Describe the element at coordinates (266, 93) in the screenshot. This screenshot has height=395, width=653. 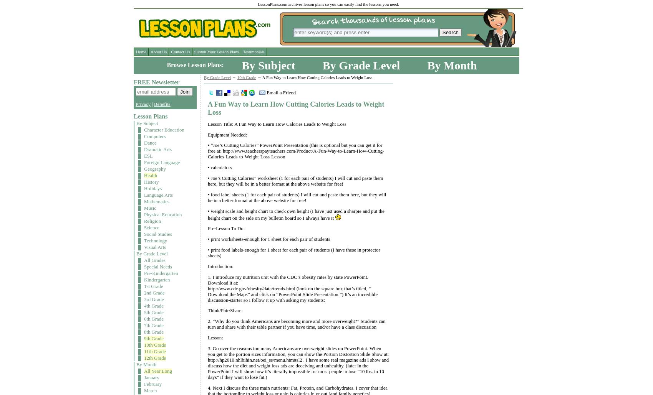
I see `'Email a Friend'` at that location.